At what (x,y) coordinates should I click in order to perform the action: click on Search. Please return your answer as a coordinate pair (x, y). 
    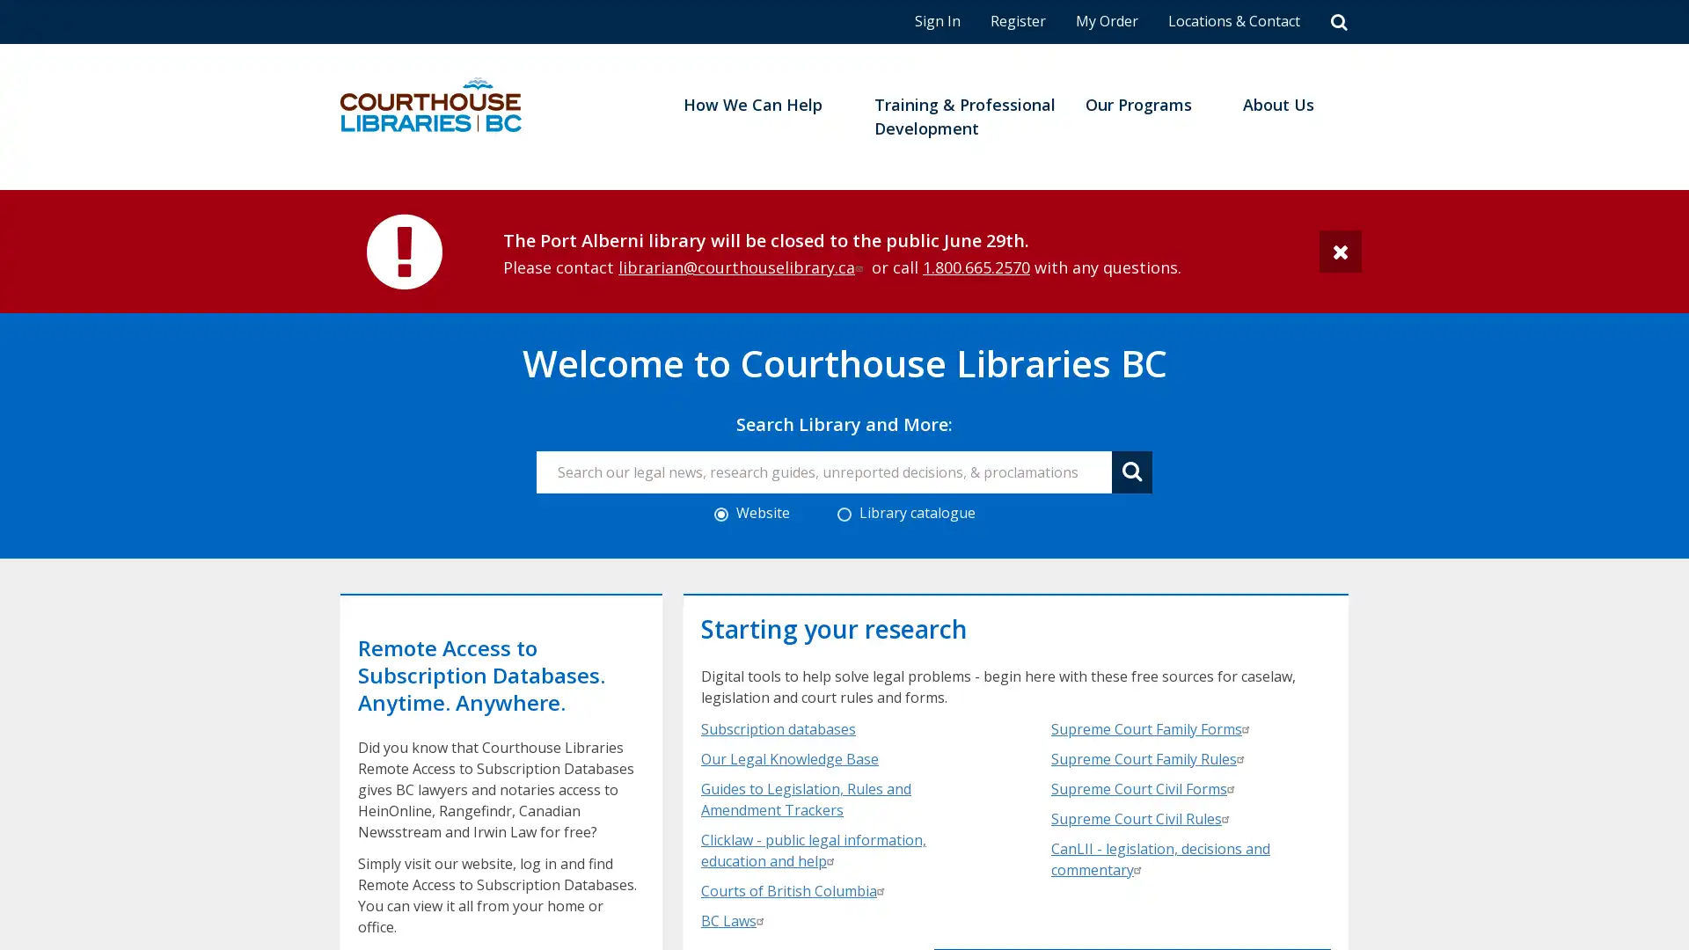
    Looking at the image, I should click on (1338, 21).